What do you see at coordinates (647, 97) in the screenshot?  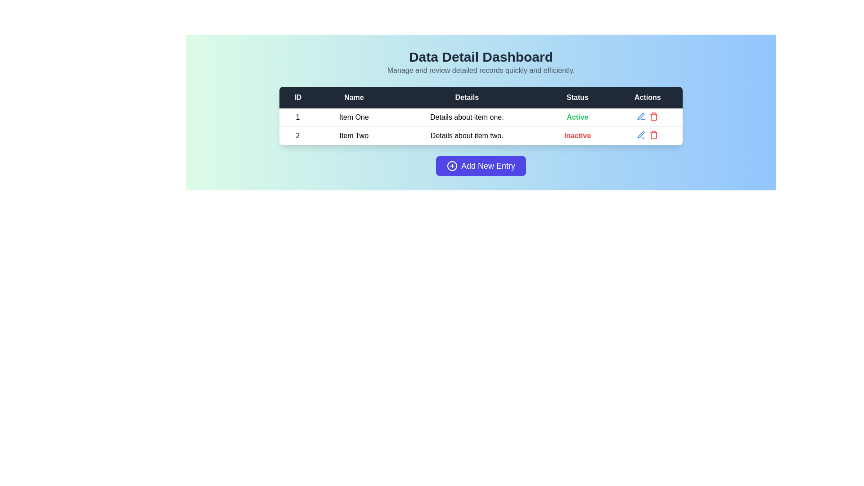 I see `the 'Actions' table header, which is the fifth column header located at the far-right end of the table` at bounding box center [647, 97].